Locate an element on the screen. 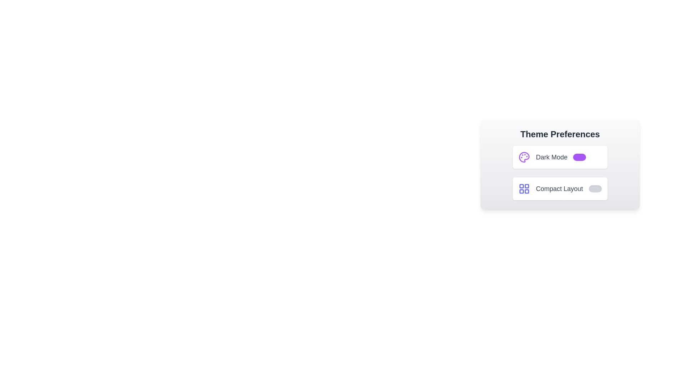  the 'Dark Mode' text and icon to inspect their details is located at coordinates (551, 157).